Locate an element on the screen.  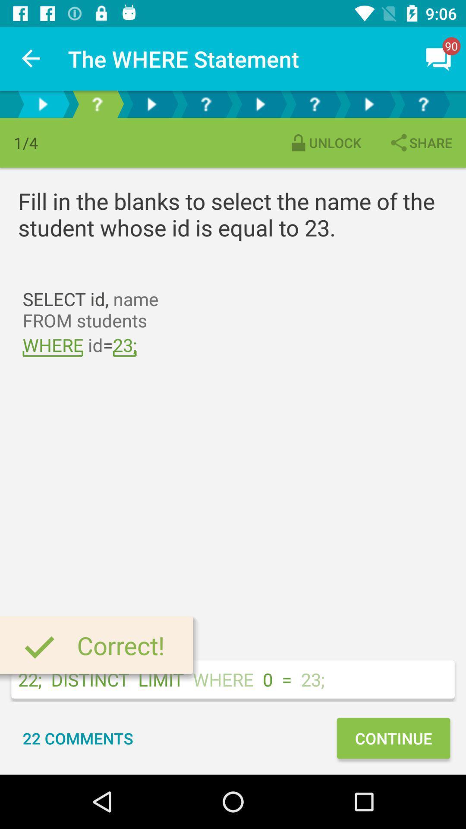
the share icon is located at coordinates (420, 142).